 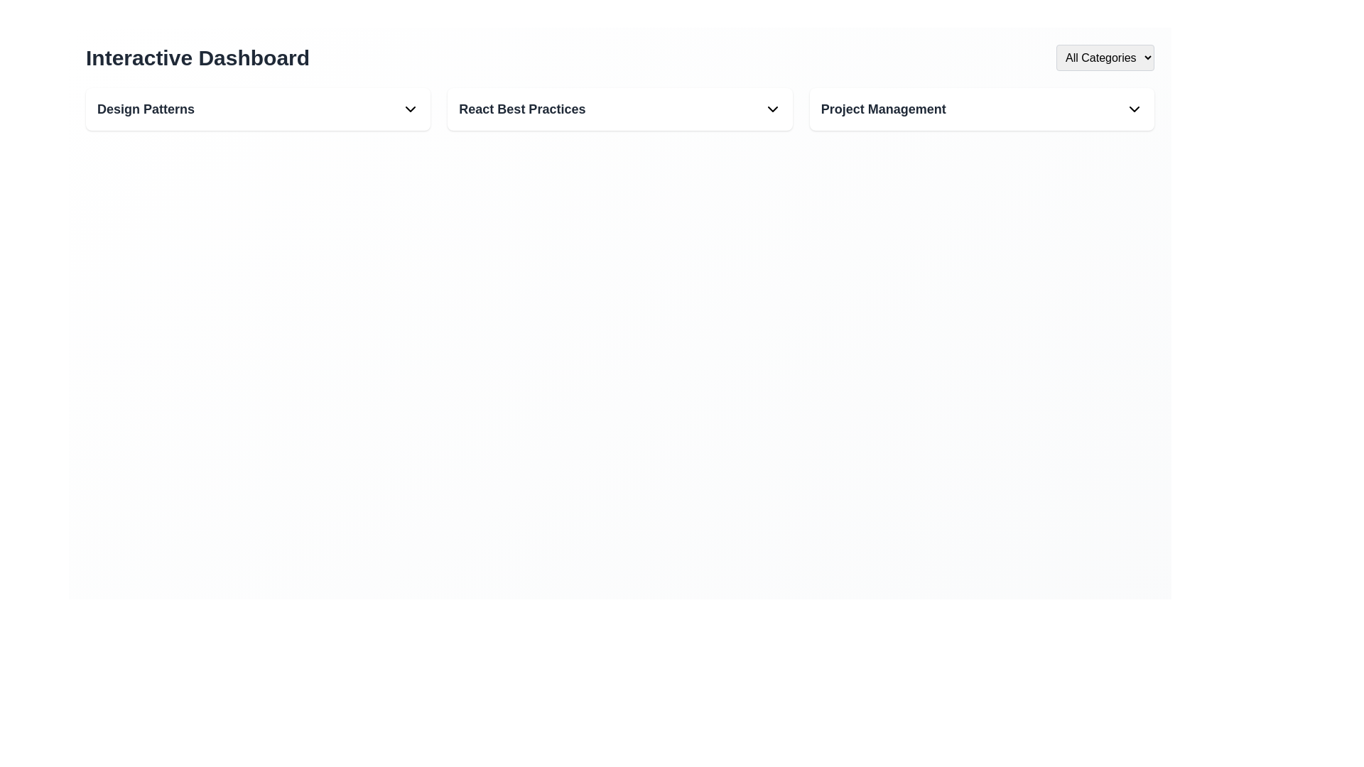 I want to click on the dropdown menu located at the top left of the interactive dashboard, so click(x=258, y=109).